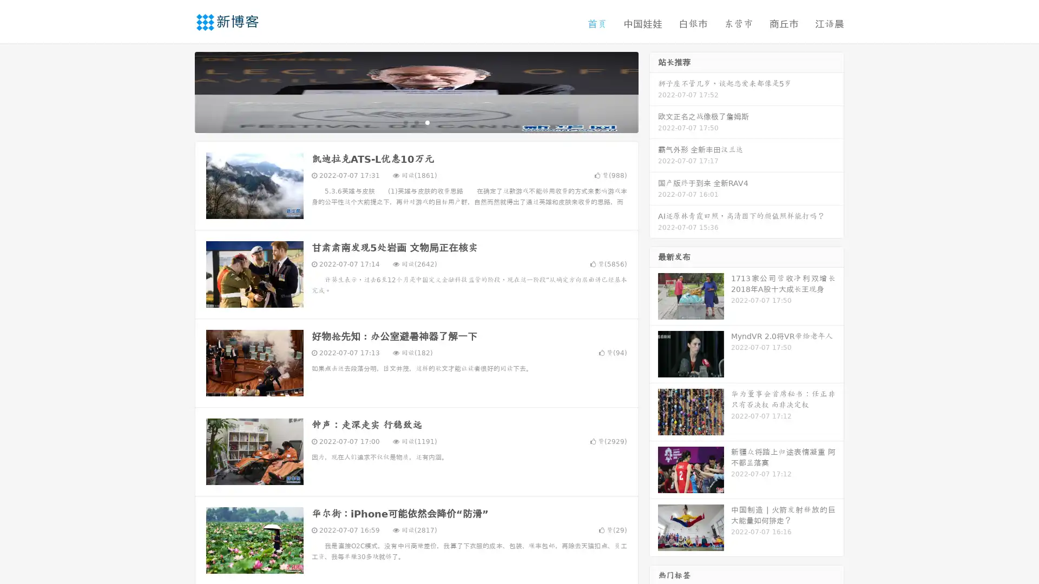 This screenshot has width=1039, height=584. What do you see at coordinates (416, 122) in the screenshot?
I see `Go to slide 2` at bounding box center [416, 122].